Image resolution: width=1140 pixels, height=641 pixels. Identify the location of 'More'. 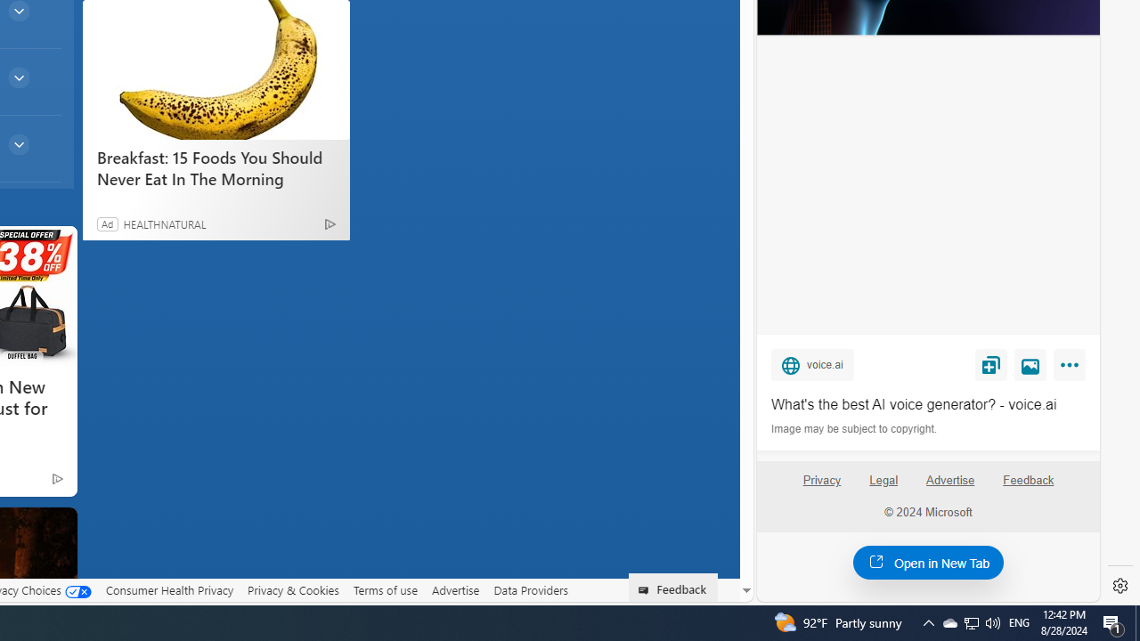
(1071, 367).